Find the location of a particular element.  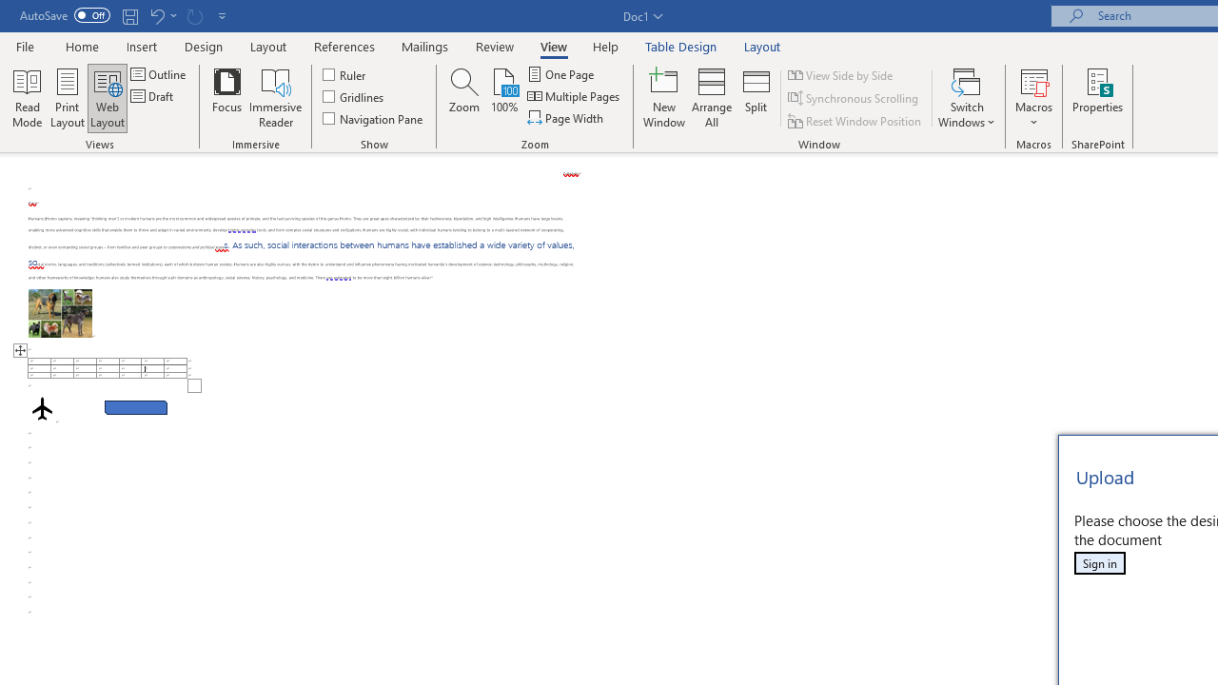

'Properties' is located at coordinates (1097, 98).